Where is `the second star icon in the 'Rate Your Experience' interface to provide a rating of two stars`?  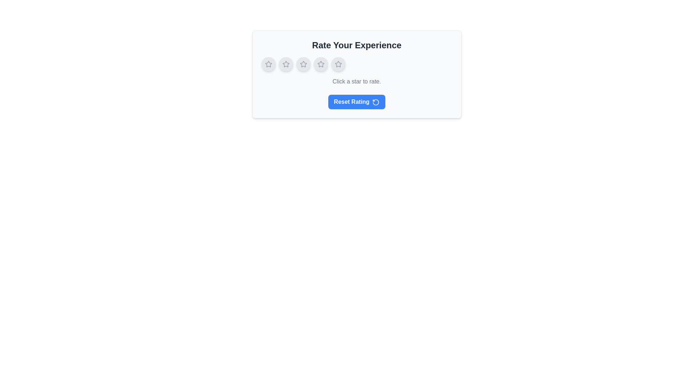 the second star icon in the 'Rate Your Experience' interface to provide a rating of two stars is located at coordinates (285, 64).